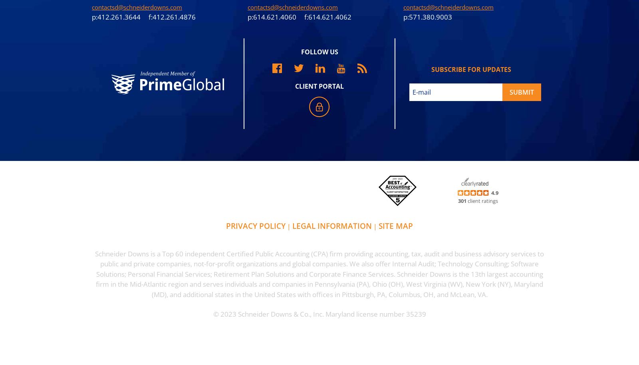  I want to click on 'subscribe for updates', so click(471, 69).